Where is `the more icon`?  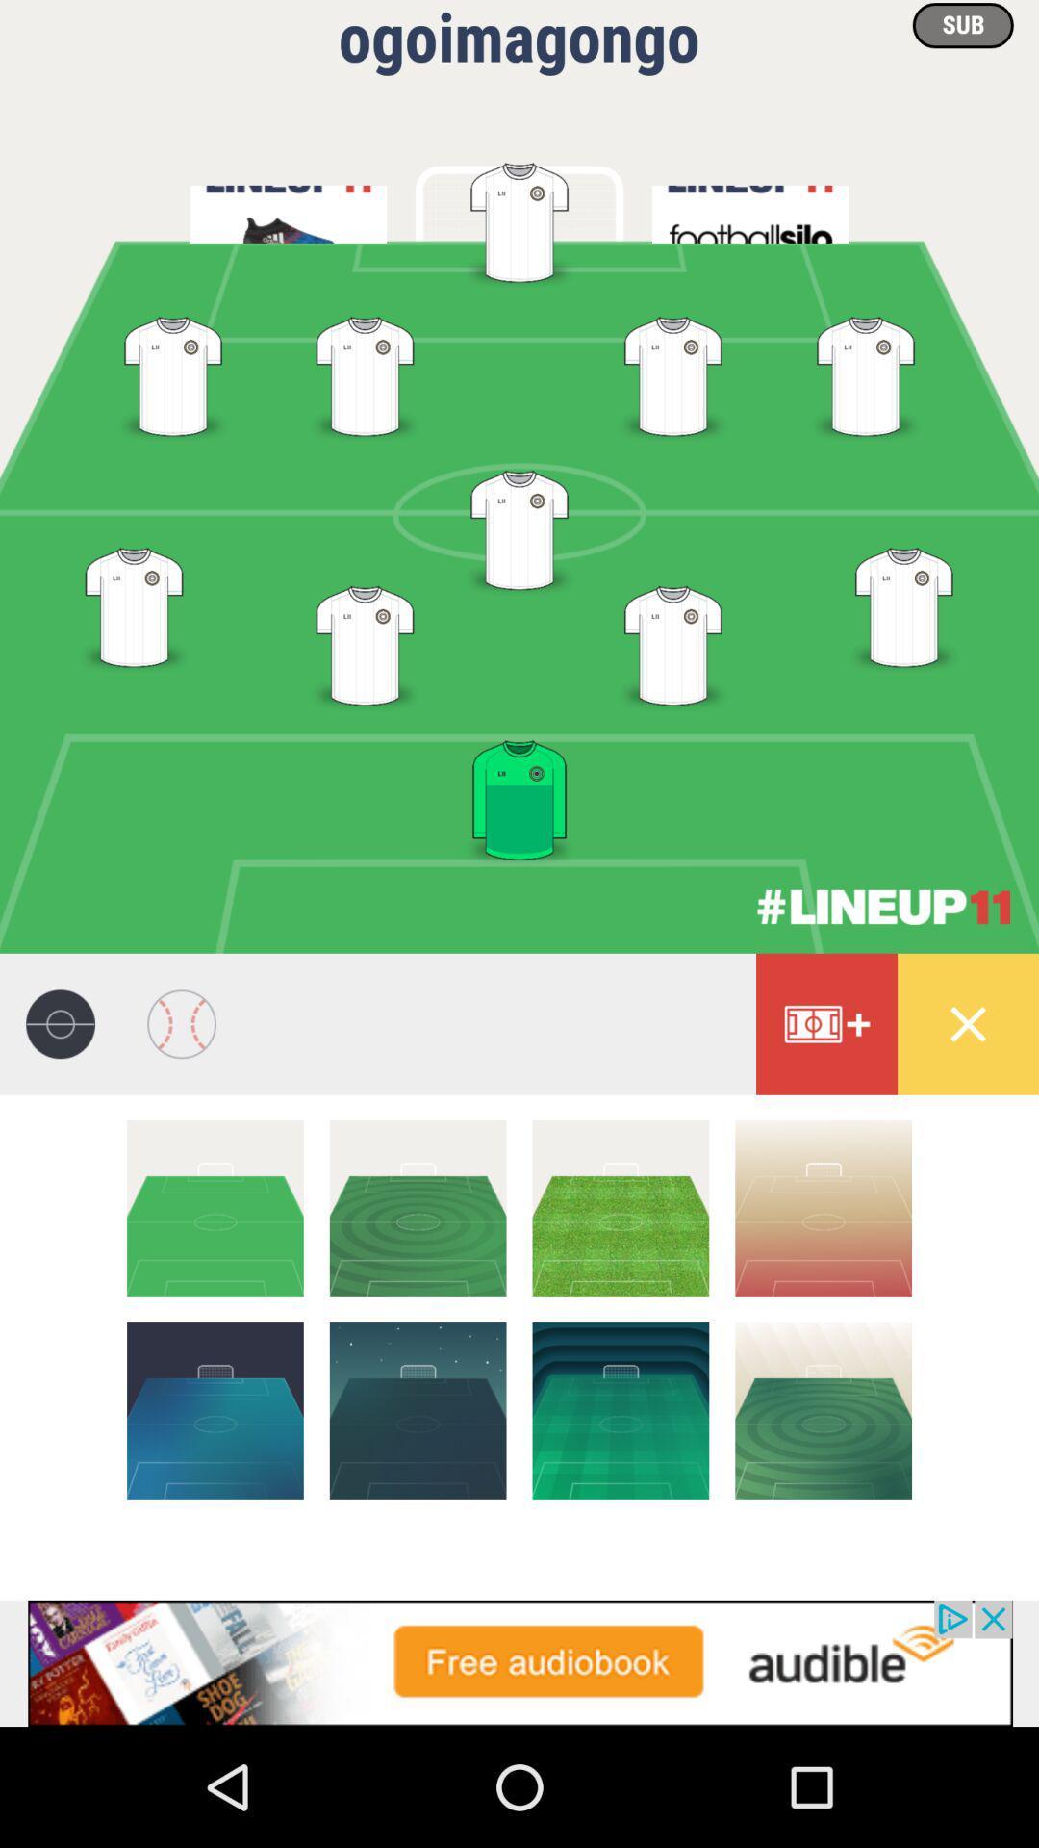 the more icon is located at coordinates (825, 1023).